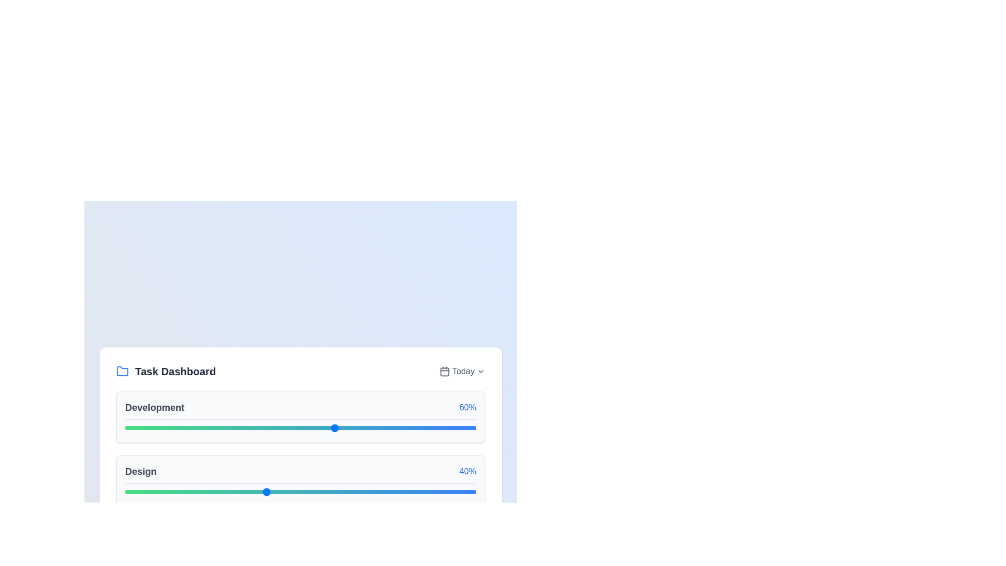 This screenshot has width=1006, height=566. I want to click on the progress of the 'Design' slider, so click(233, 492).